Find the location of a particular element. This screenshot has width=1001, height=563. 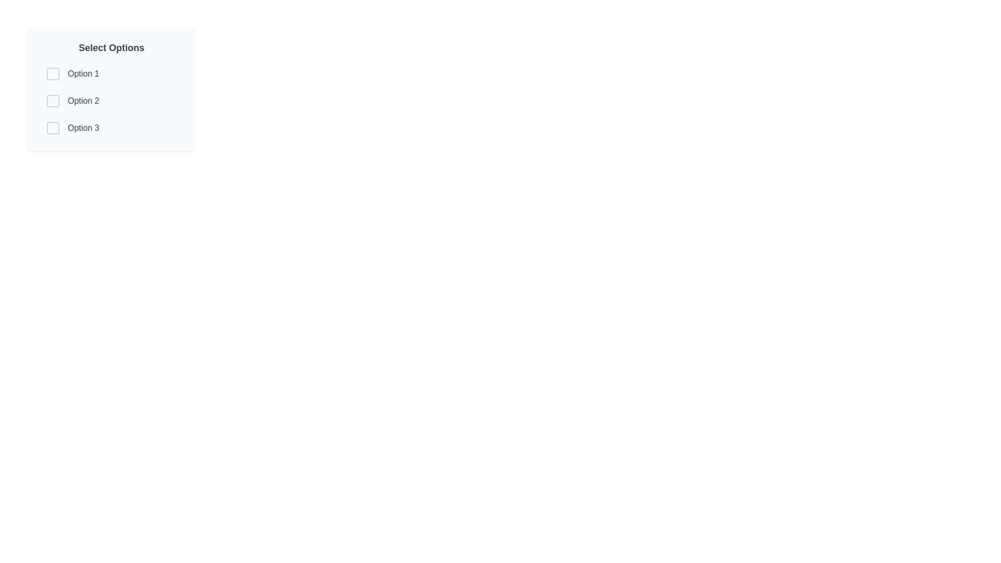

the checkbox for 'Option 2' is located at coordinates (52, 101).